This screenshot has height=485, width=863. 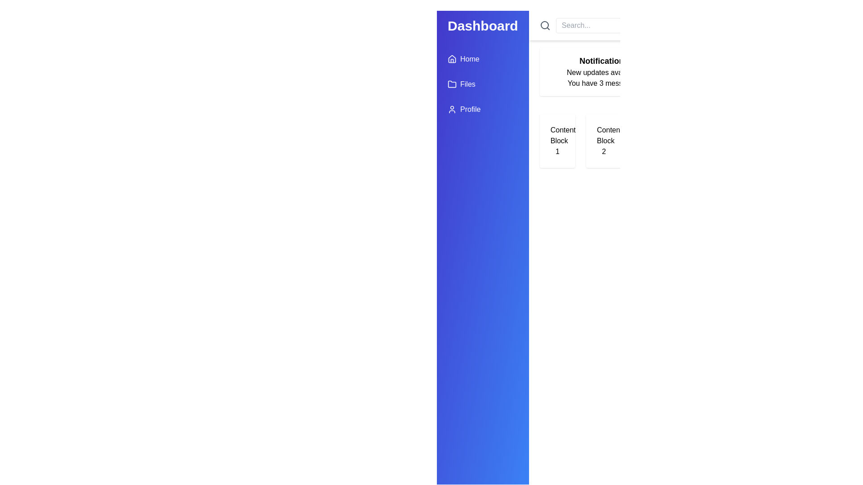 I want to click on the middle text block, which serves as a content block for navigation or interaction, so click(x=604, y=141).